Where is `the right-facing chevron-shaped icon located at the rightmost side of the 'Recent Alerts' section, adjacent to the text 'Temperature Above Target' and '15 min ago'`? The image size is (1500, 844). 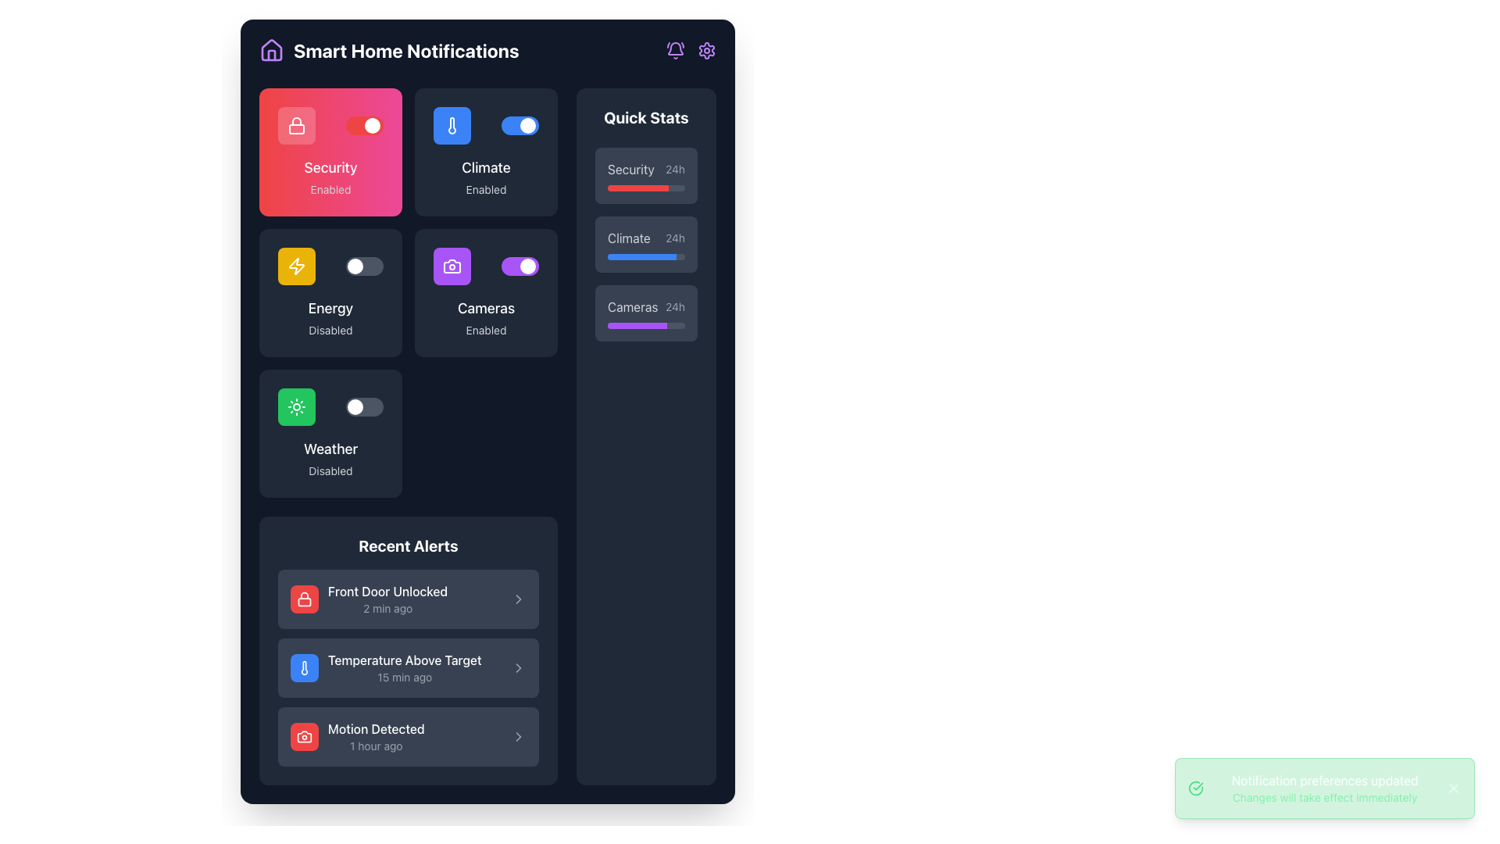
the right-facing chevron-shaped icon located at the rightmost side of the 'Recent Alerts' section, adjacent to the text 'Temperature Above Target' and '15 min ago' is located at coordinates (518, 668).